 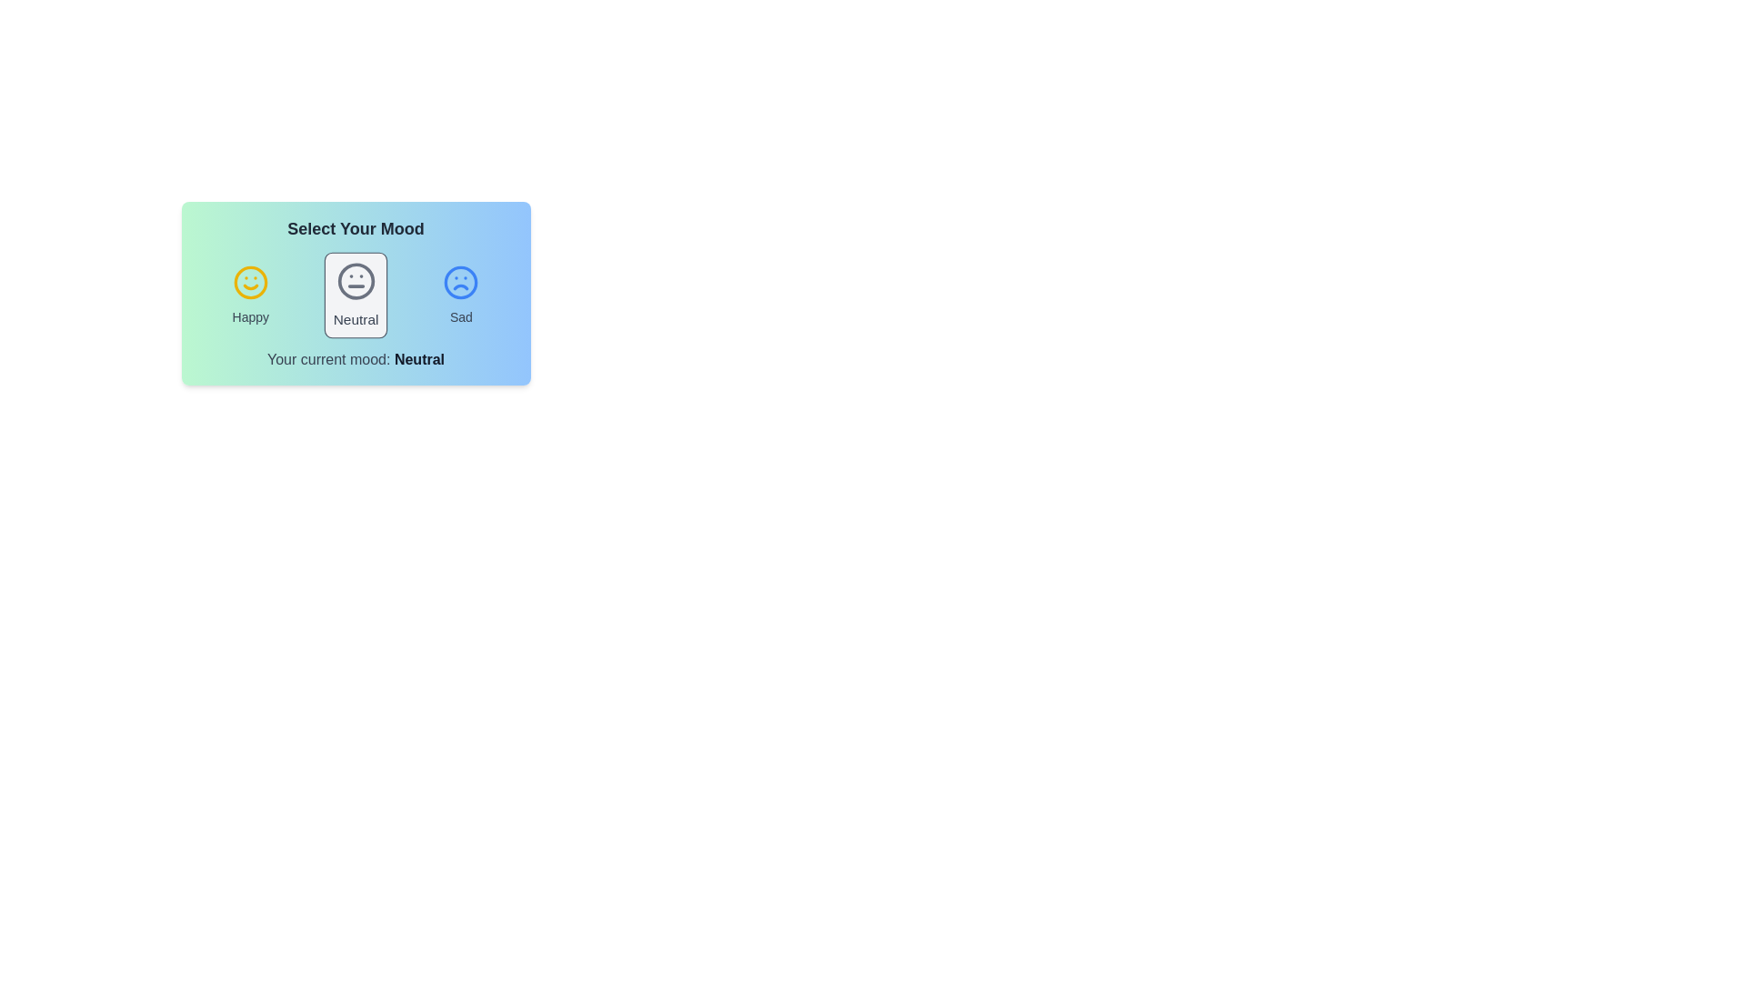 I want to click on the text 'Neutral' in the component, so click(x=356, y=318).